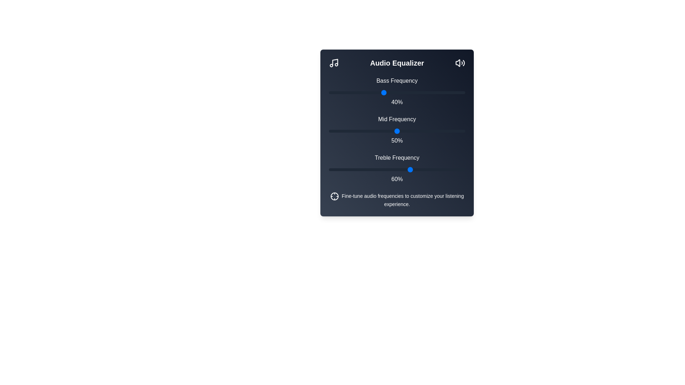  What do you see at coordinates (457, 92) in the screenshot?
I see `the 0 slider to 94%` at bounding box center [457, 92].